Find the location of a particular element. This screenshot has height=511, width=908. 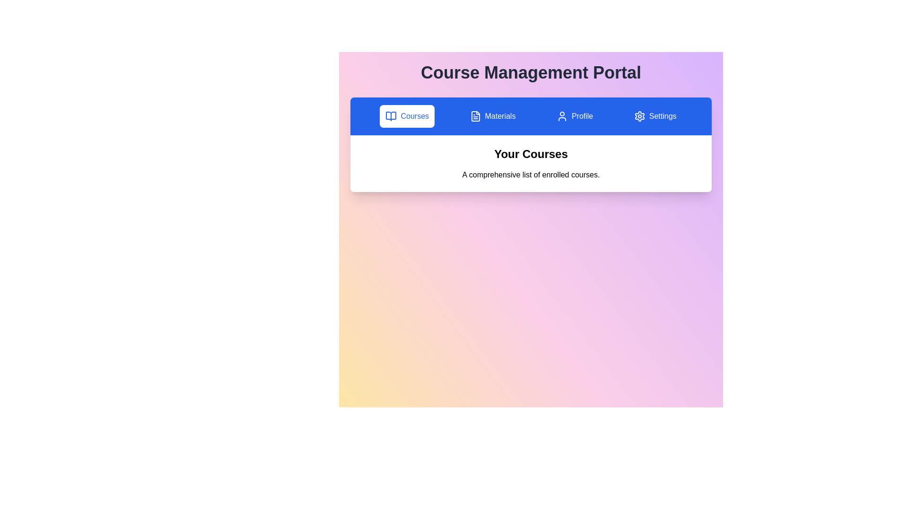

the open book icon located in the navigation bar, which is part of the 'Courses' button is located at coordinates (391, 116).